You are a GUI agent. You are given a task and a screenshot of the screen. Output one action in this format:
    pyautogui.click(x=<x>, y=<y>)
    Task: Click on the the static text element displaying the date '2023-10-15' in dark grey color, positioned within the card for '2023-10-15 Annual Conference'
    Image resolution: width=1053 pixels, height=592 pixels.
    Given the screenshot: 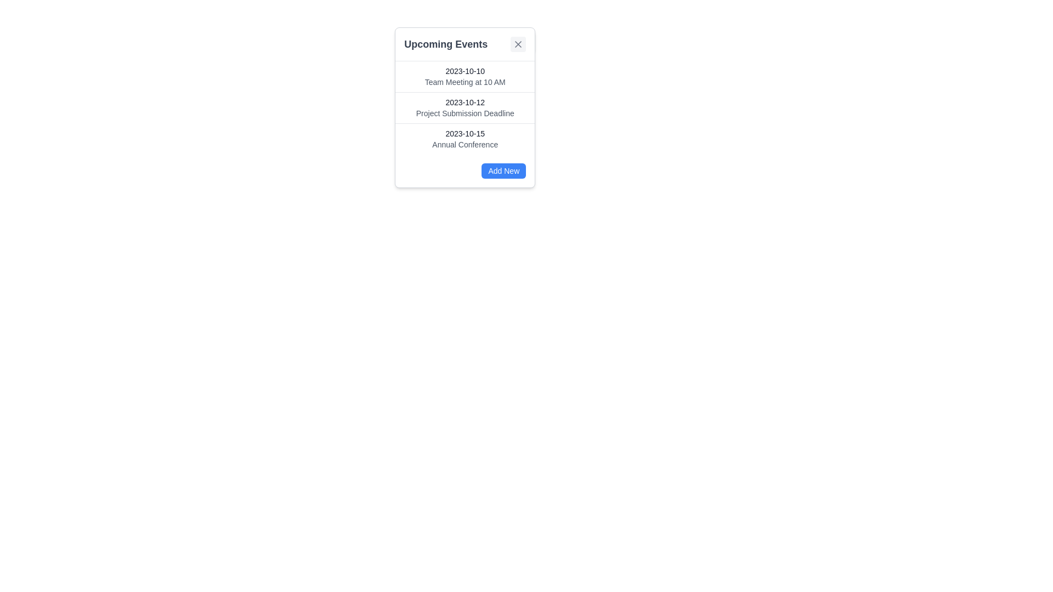 What is the action you would take?
    pyautogui.click(x=465, y=133)
    